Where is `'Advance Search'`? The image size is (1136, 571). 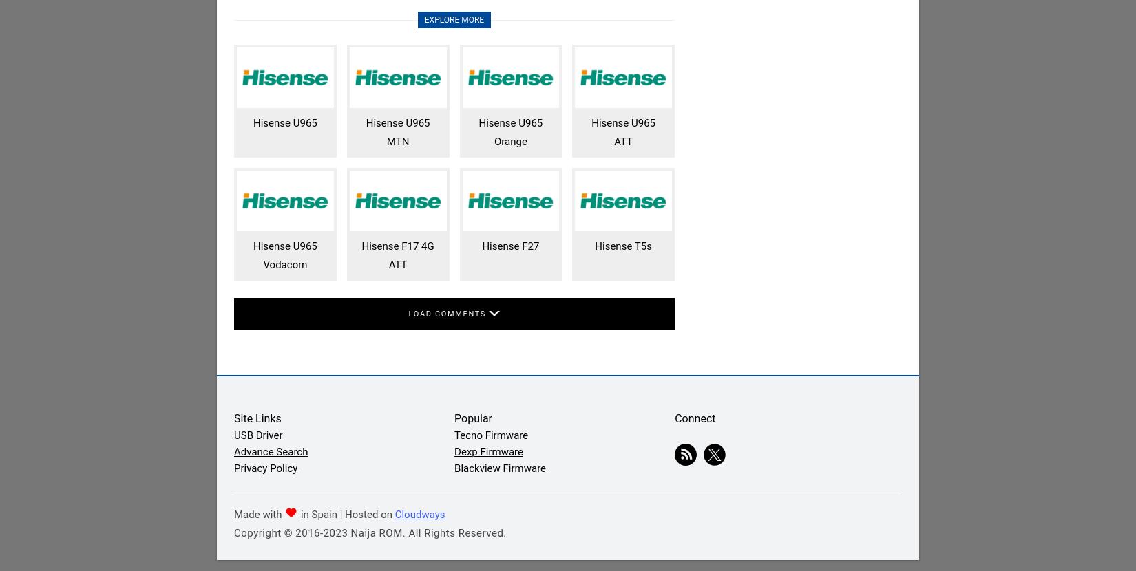
'Advance Search' is located at coordinates (271, 451).